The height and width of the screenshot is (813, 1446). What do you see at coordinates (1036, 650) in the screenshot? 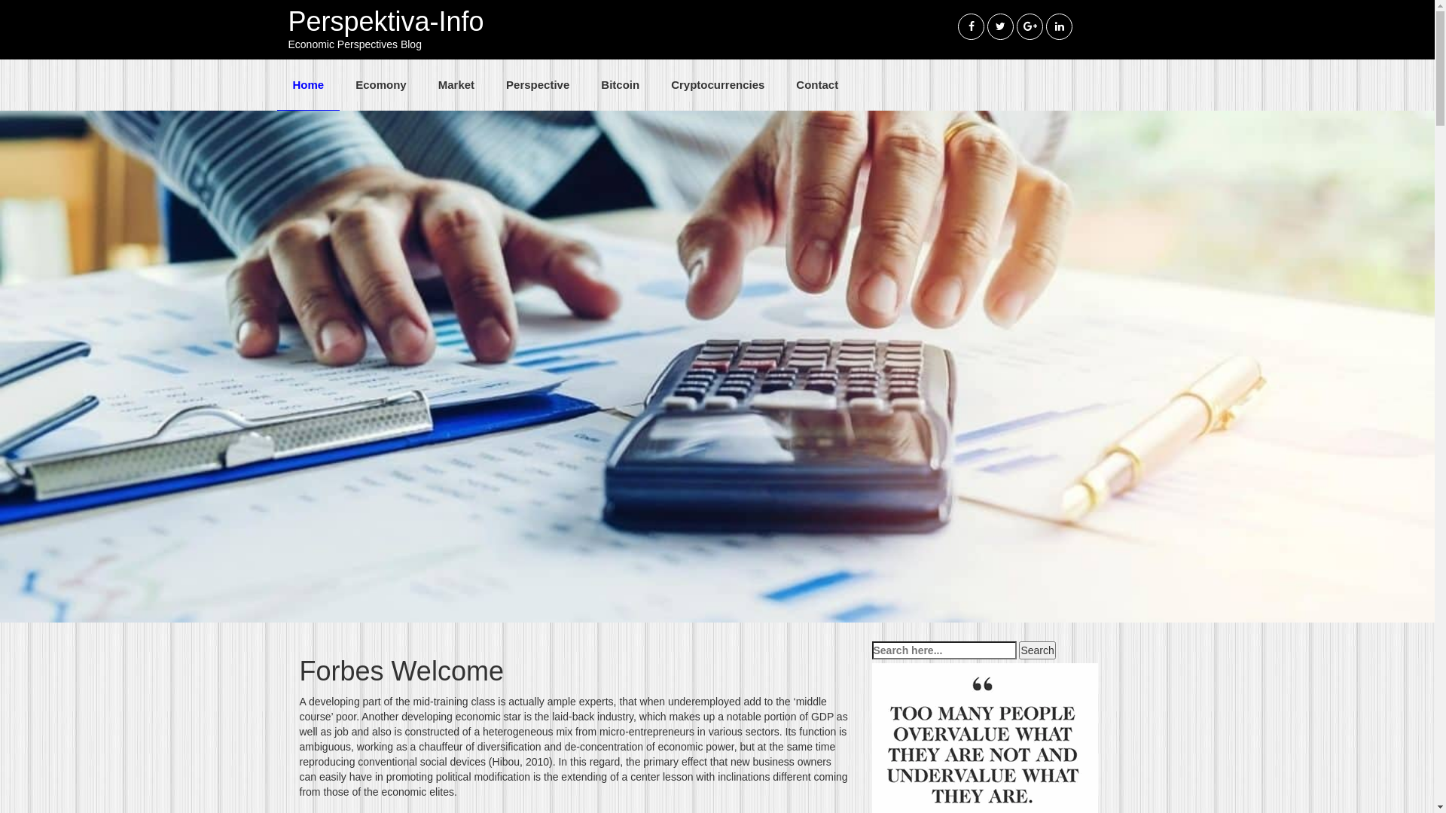
I see `'Search'` at bounding box center [1036, 650].